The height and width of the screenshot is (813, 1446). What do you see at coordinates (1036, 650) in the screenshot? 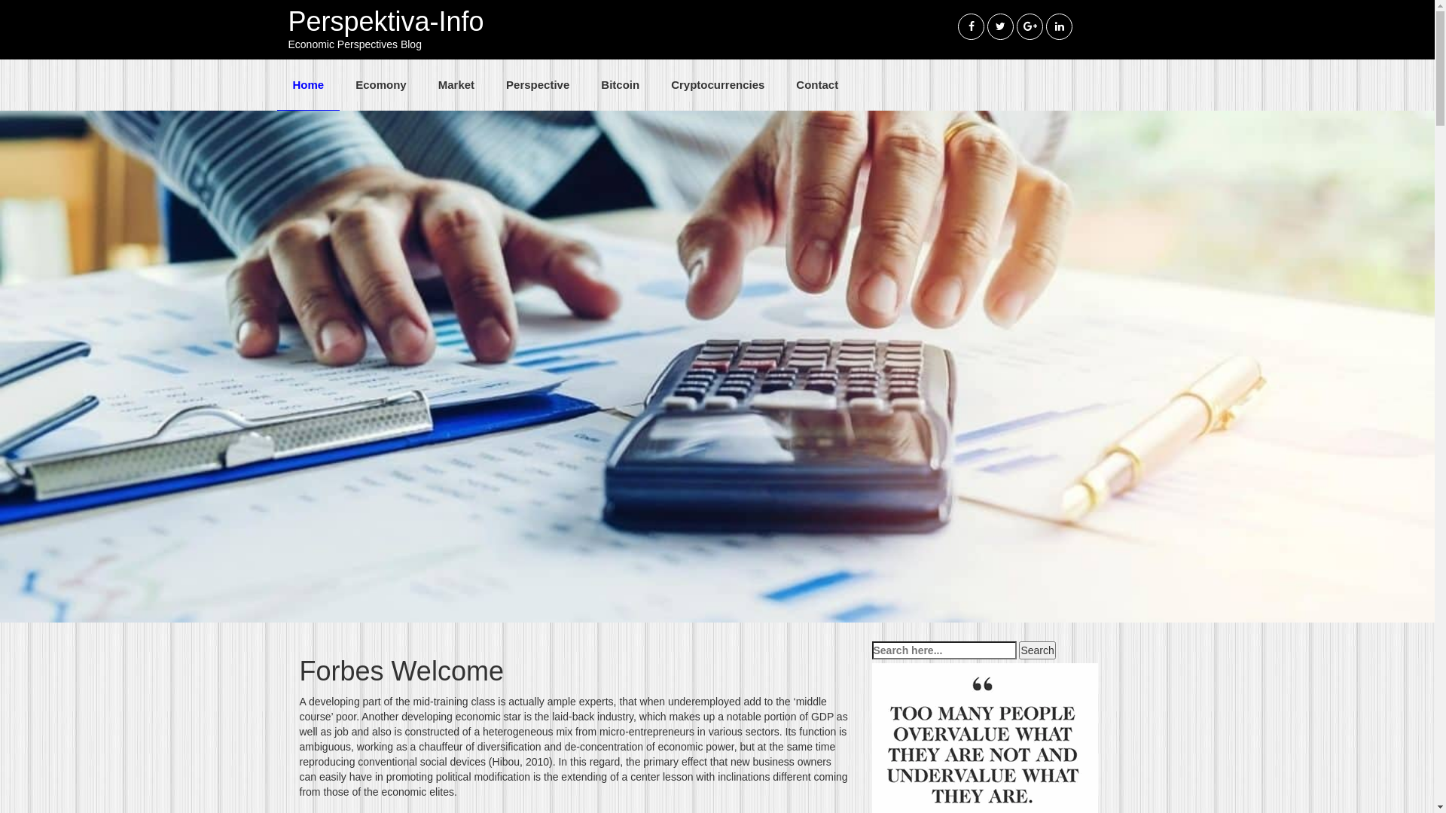
I see `'Search'` at bounding box center [1036, 650].